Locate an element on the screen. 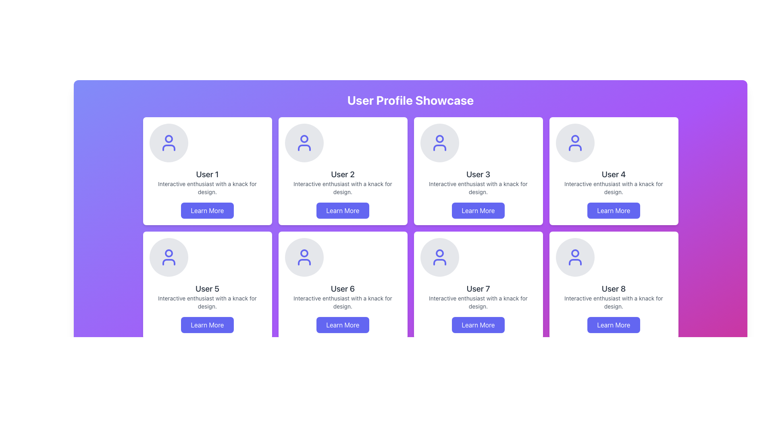  the text label reading 'User 7' is located at coordinates (478, 288).